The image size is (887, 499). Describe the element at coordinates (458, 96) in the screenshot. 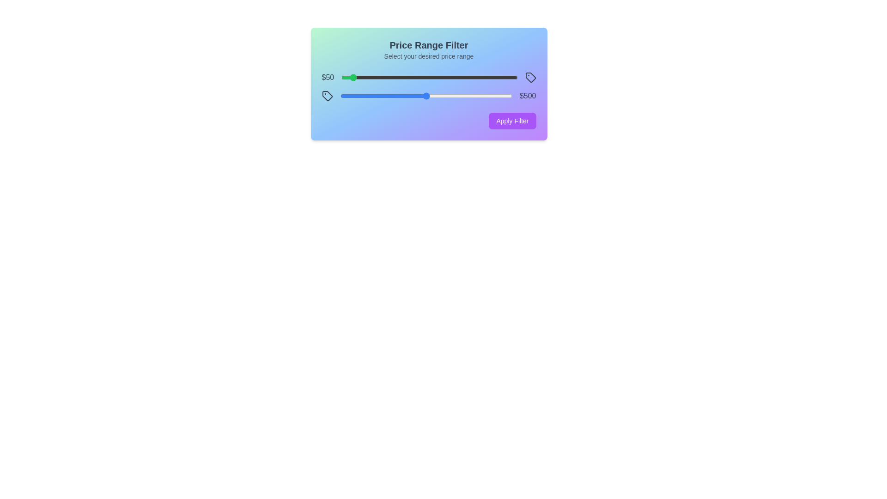

I see `the maximum price slider to 688` at that location.